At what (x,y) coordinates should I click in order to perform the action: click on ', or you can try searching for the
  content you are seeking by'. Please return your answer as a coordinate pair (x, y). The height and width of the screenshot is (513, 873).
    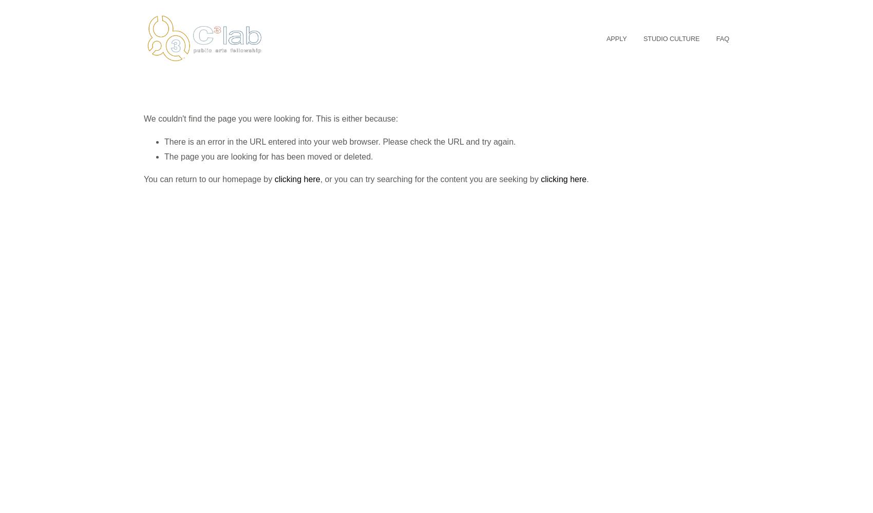
    Looking at the image, I should click on (429, 179).